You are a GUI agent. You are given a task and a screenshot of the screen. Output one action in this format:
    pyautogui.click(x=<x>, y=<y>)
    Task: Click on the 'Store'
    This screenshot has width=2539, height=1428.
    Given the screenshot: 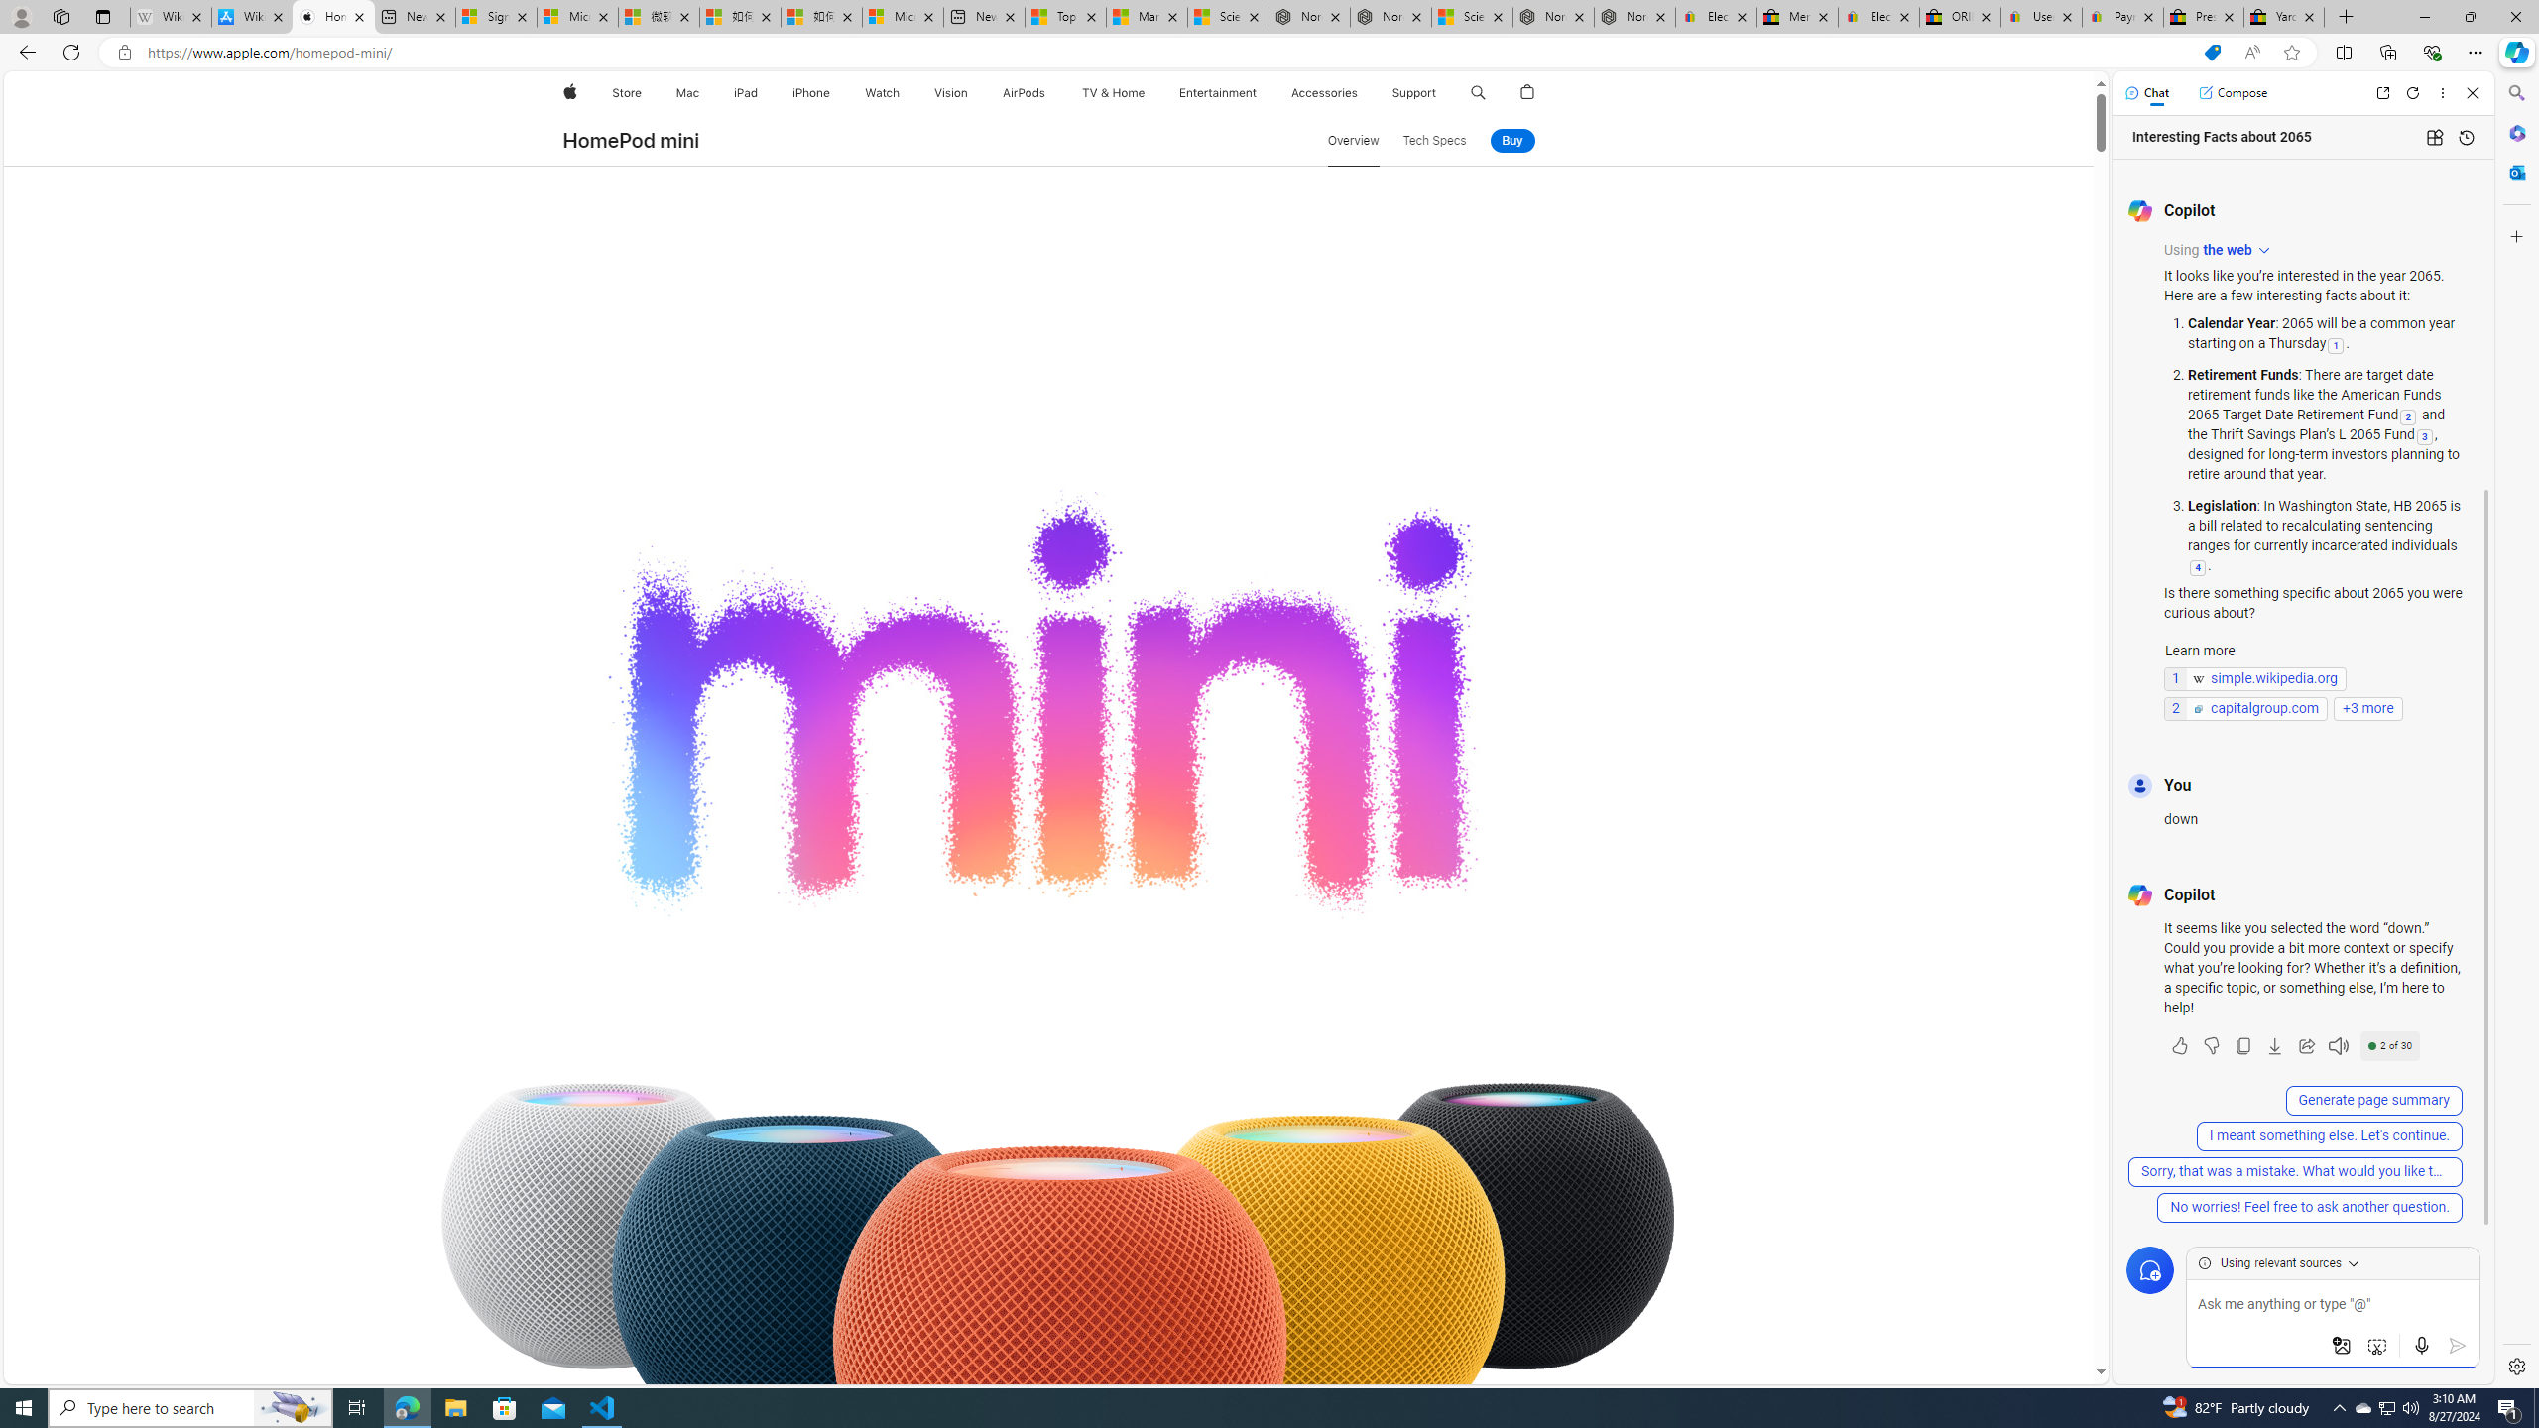 What is the action you would take?
    pyautogui.click(x=626, y=92)
    